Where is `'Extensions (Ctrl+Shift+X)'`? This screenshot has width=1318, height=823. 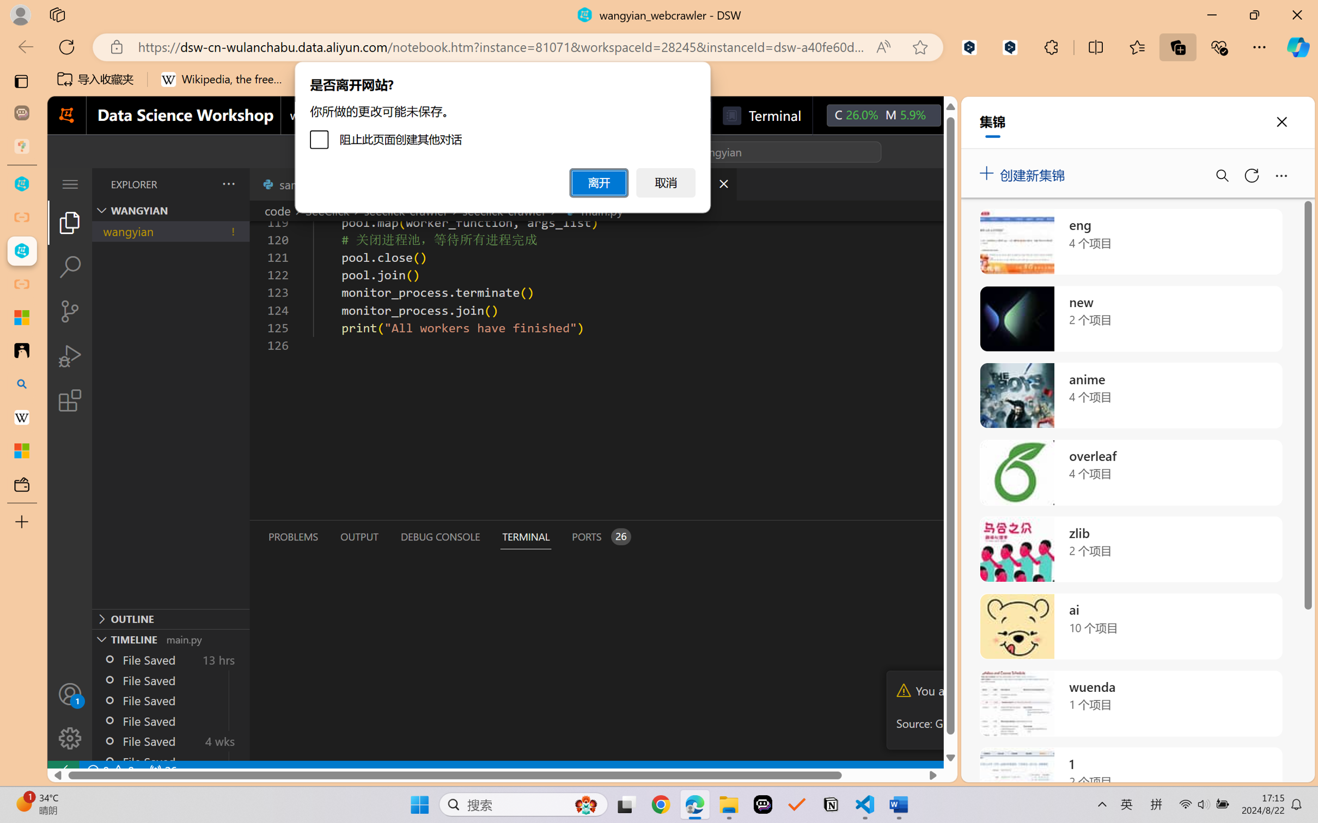
'Extensions (Ctrl+Shift+X)' is located at coordinates (69, 400).